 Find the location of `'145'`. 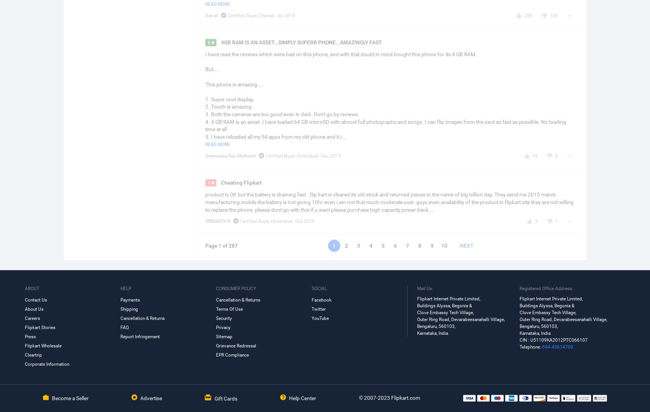

'145' is located at coordinates (553, 15).